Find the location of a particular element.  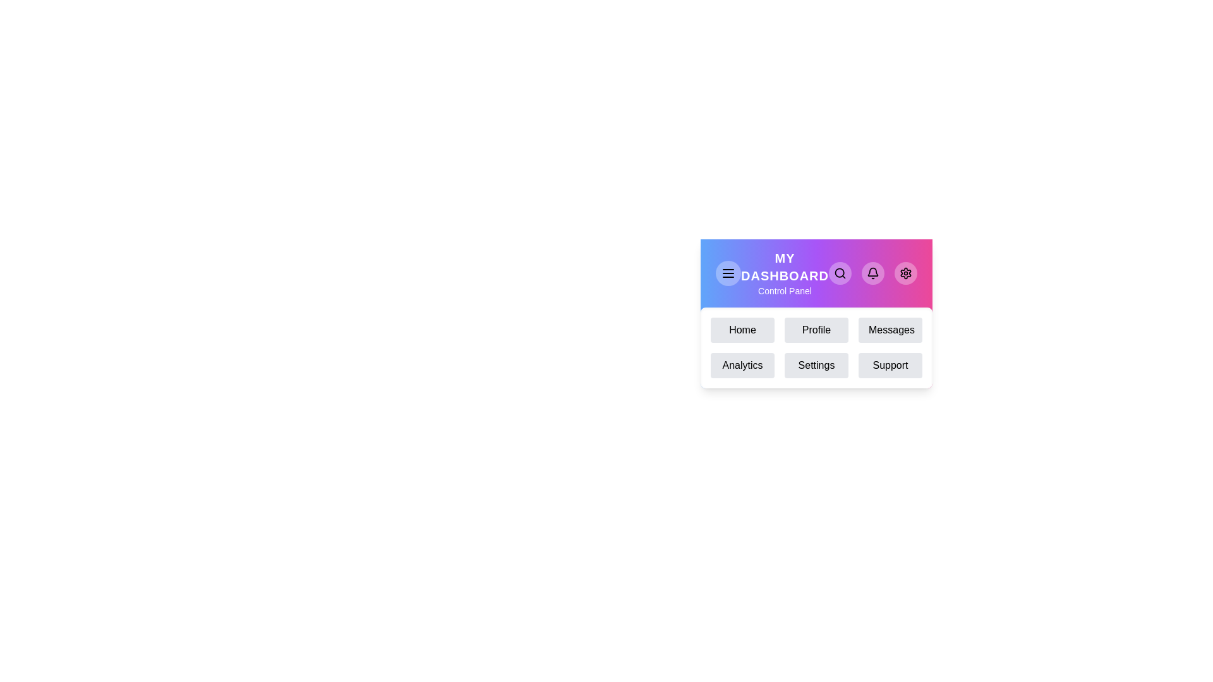

the menu item Analytics to navigate to the corresponding section is located at coordinates (742, 365).